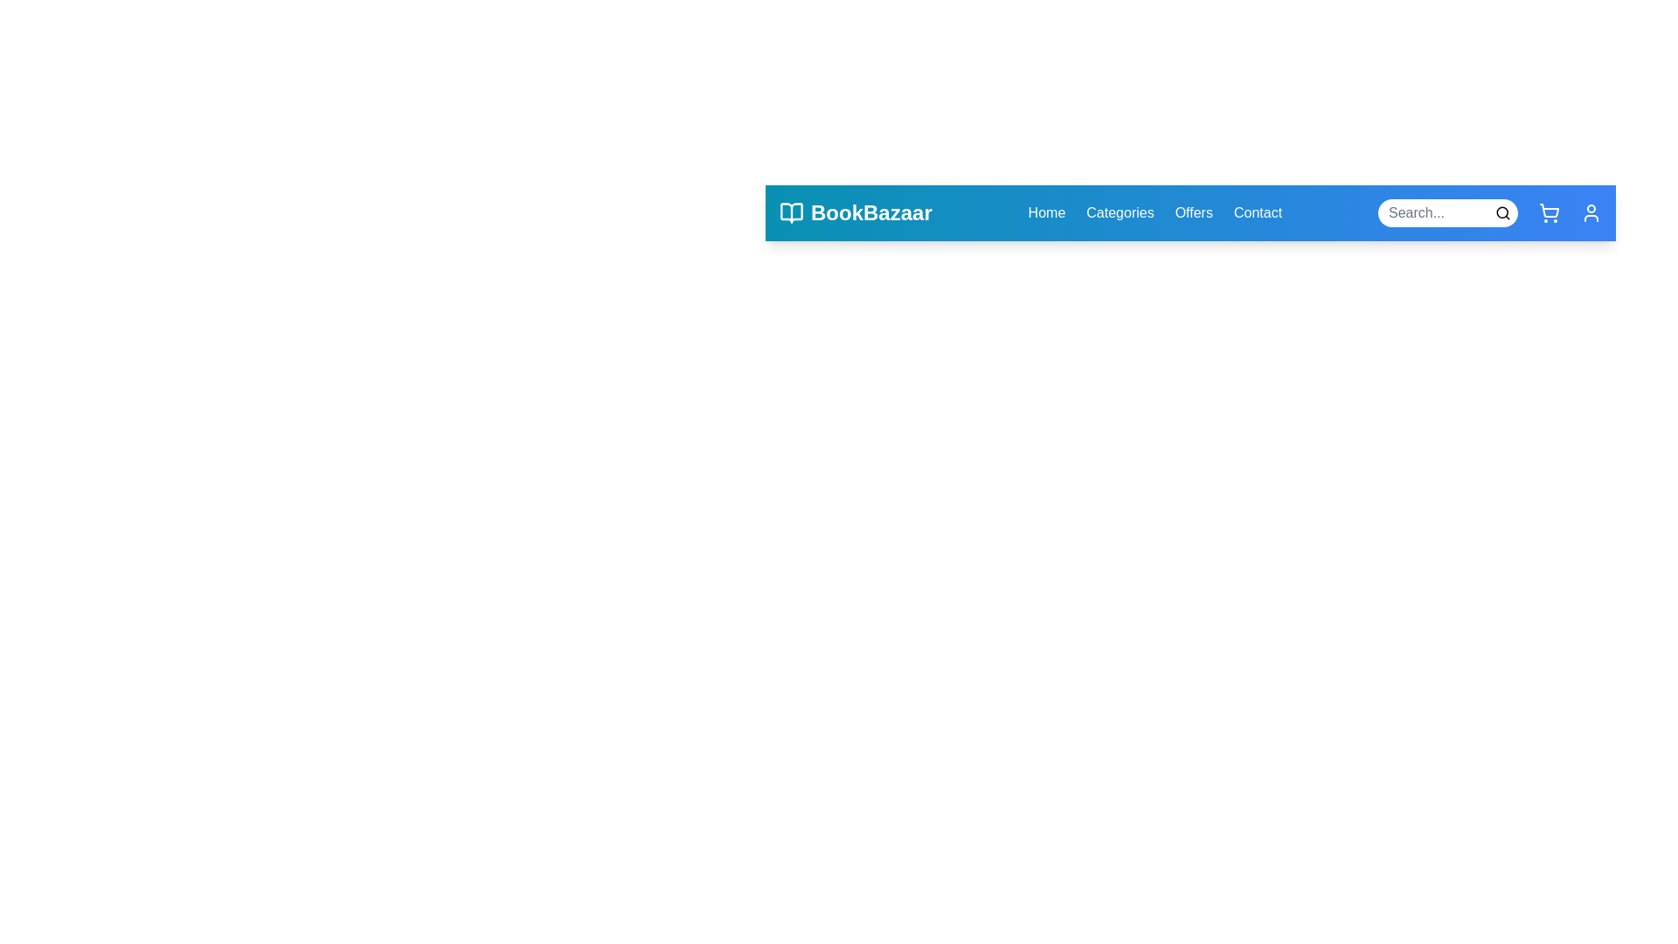 This screenshot has width=1678, height=944. What do you see at coordinates (1501, 212) in the screenshot?
I see `the search button in the search bar` at bounding box center [1501, 212].